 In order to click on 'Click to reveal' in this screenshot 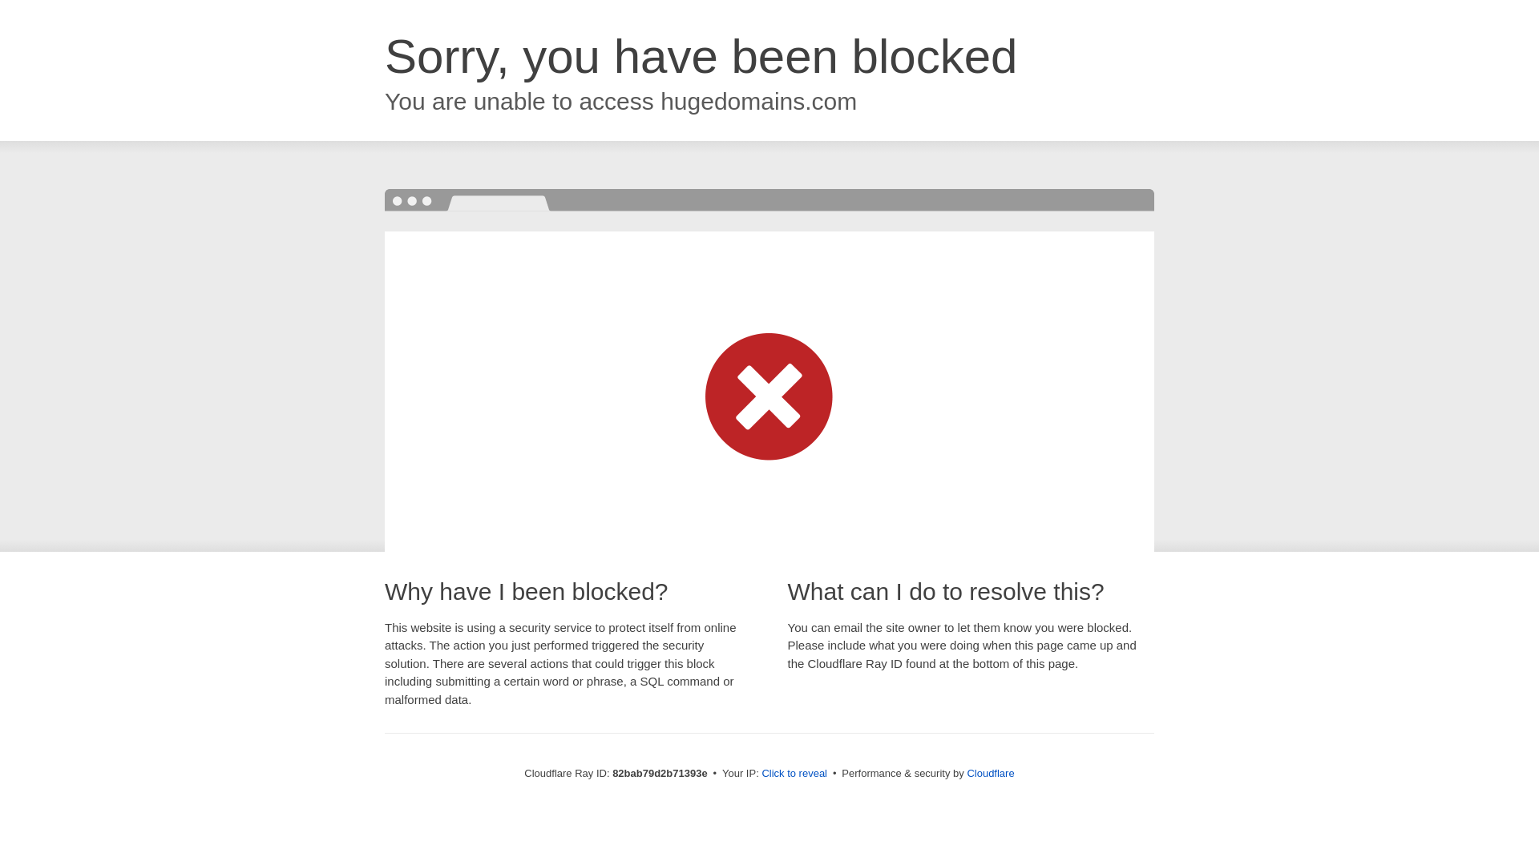, I will do `click(761, 772)`.